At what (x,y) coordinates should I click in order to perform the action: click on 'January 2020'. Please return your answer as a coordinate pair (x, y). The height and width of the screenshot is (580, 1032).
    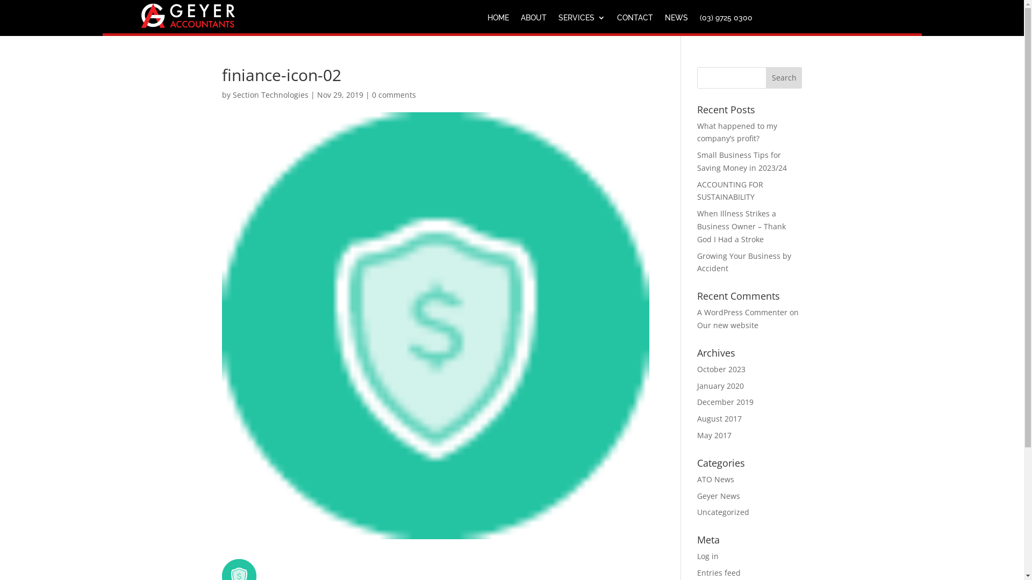
    Looking at the image, I should click on (720, 385).